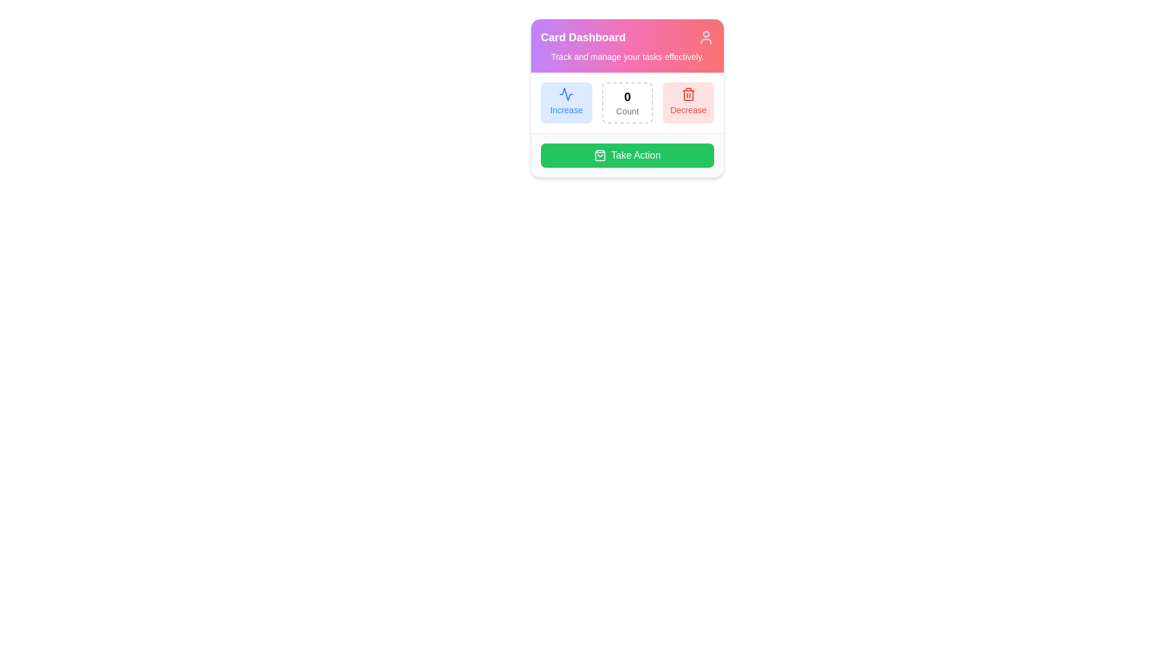  I want to click on the green rectangular button with rounded corners labeled 'Take Action', so click(628, 155).